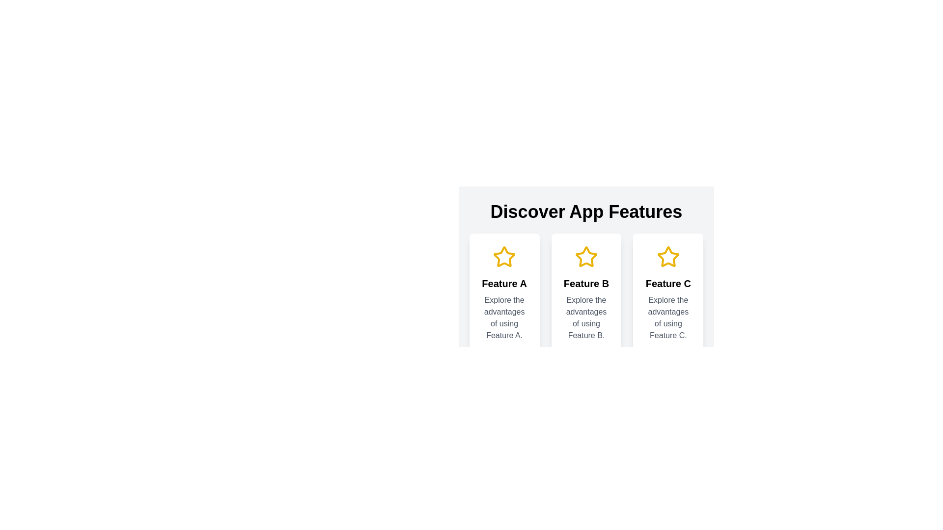  Describe the element at coordinates (586, 292) in the screenshot. I see `the informational display card for 'Feature B', which is the second card in a grid layout situated between 'Feature A' and 'Feature C'` at that location.